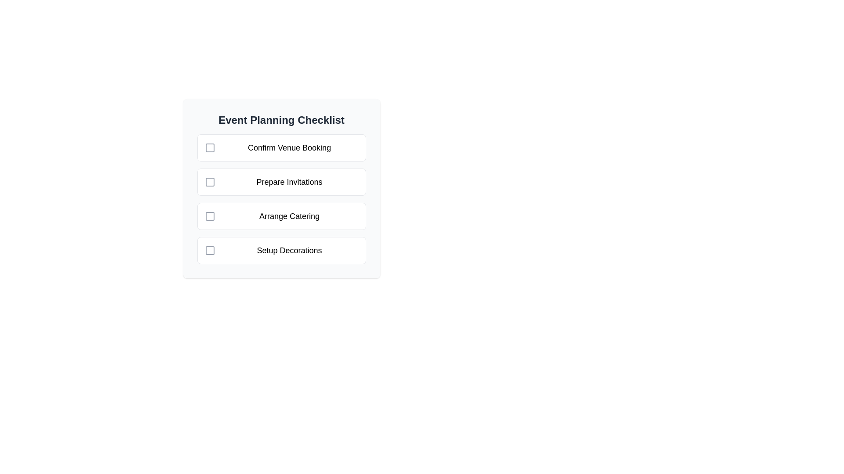 This screenshot has width=844, height=474. What do you see at coordinates (209, 147) in the screenshot?
I see `the Checkbox indicator, which is a small, rounded gray square located within a larger square frame, positioned to the left of the 'Confirm Venue Booking' text in the checklist layout` at bounding box center [209, 147].